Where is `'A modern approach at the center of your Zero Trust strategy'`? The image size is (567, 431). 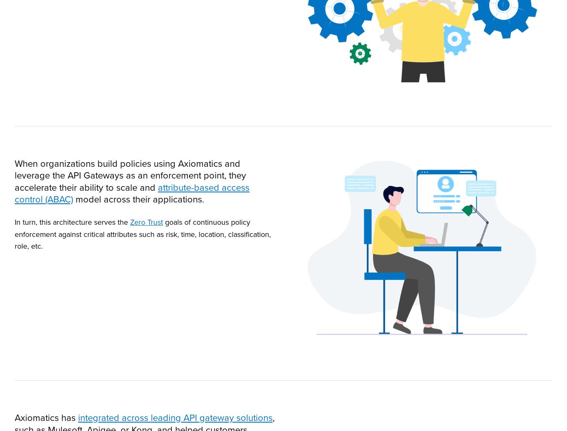
'A modern approach at the center of your Zero Trust strategy' is located at coordinates (276, 260).